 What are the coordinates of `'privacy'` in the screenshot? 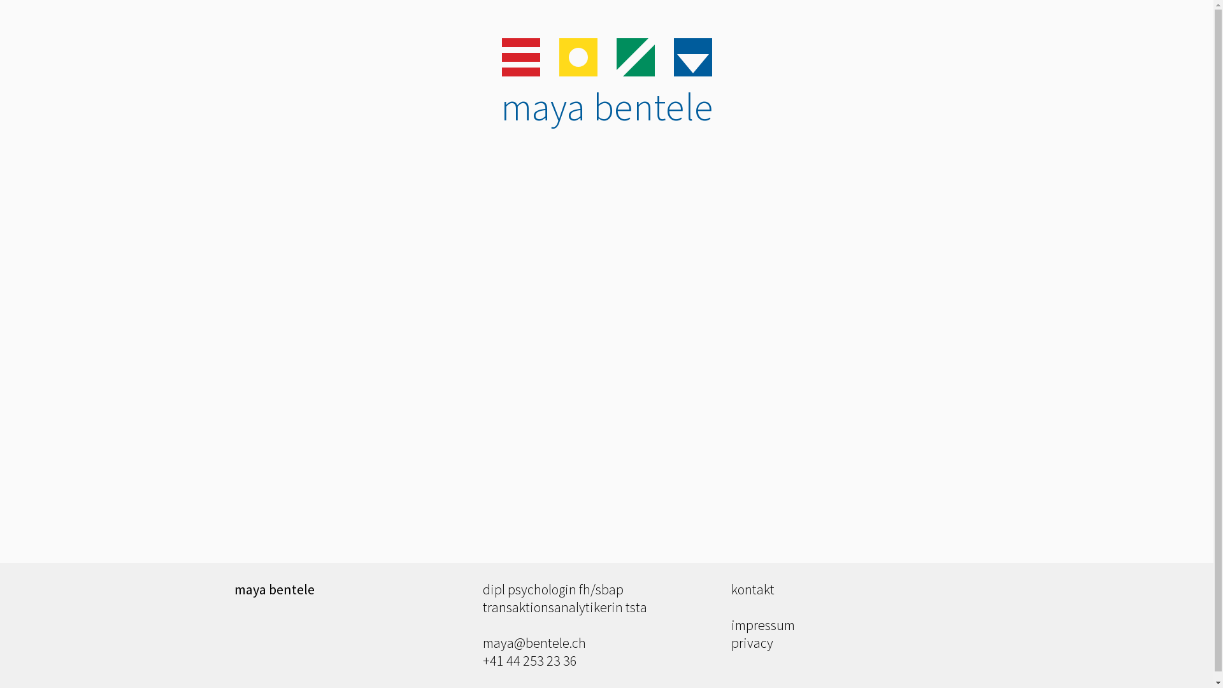 It's located at (731, 643).